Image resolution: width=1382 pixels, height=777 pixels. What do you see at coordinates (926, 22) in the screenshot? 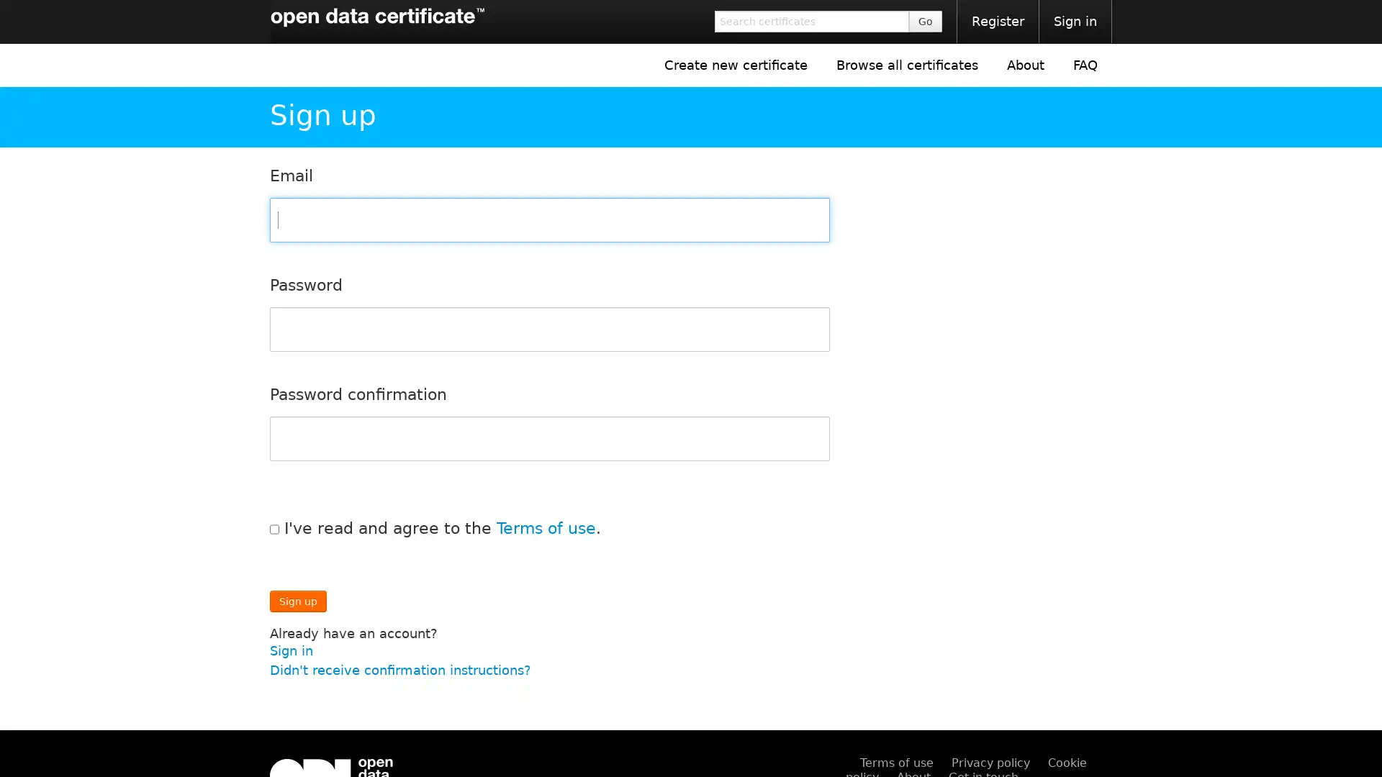
I see `Go` at bounding box center [926, 22].